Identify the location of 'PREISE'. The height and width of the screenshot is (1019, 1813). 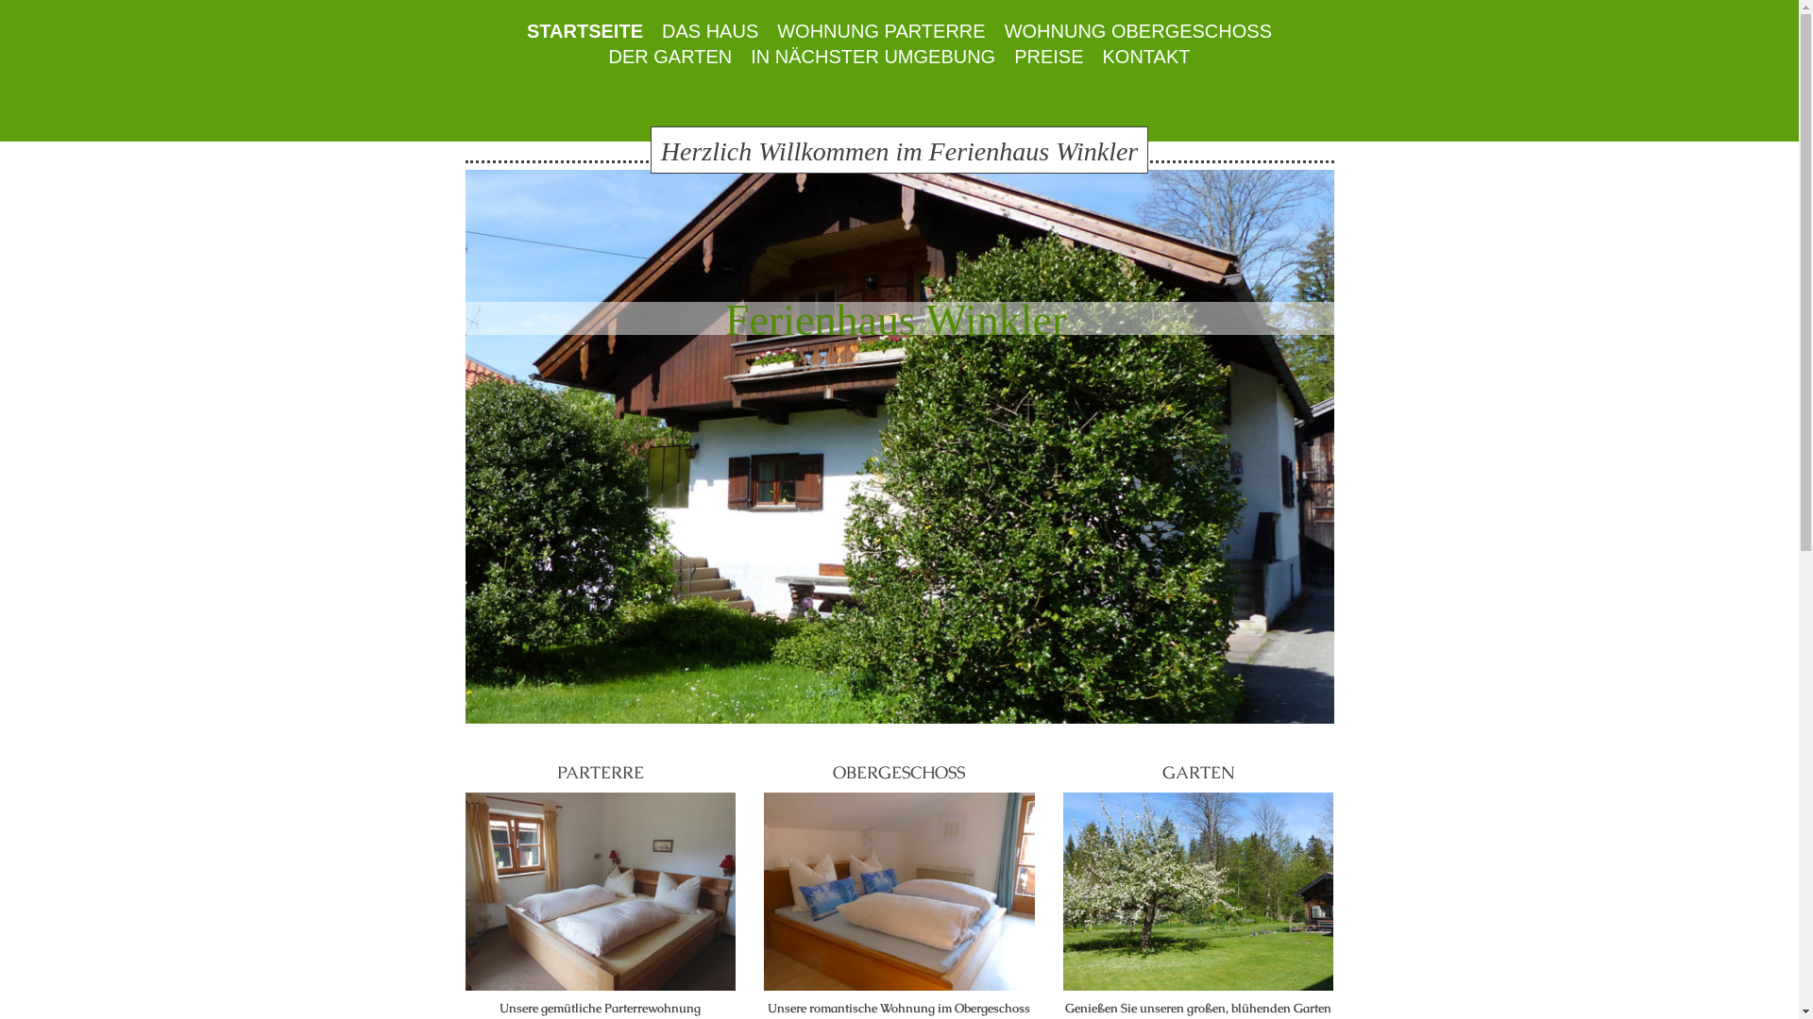
(1004, 56).